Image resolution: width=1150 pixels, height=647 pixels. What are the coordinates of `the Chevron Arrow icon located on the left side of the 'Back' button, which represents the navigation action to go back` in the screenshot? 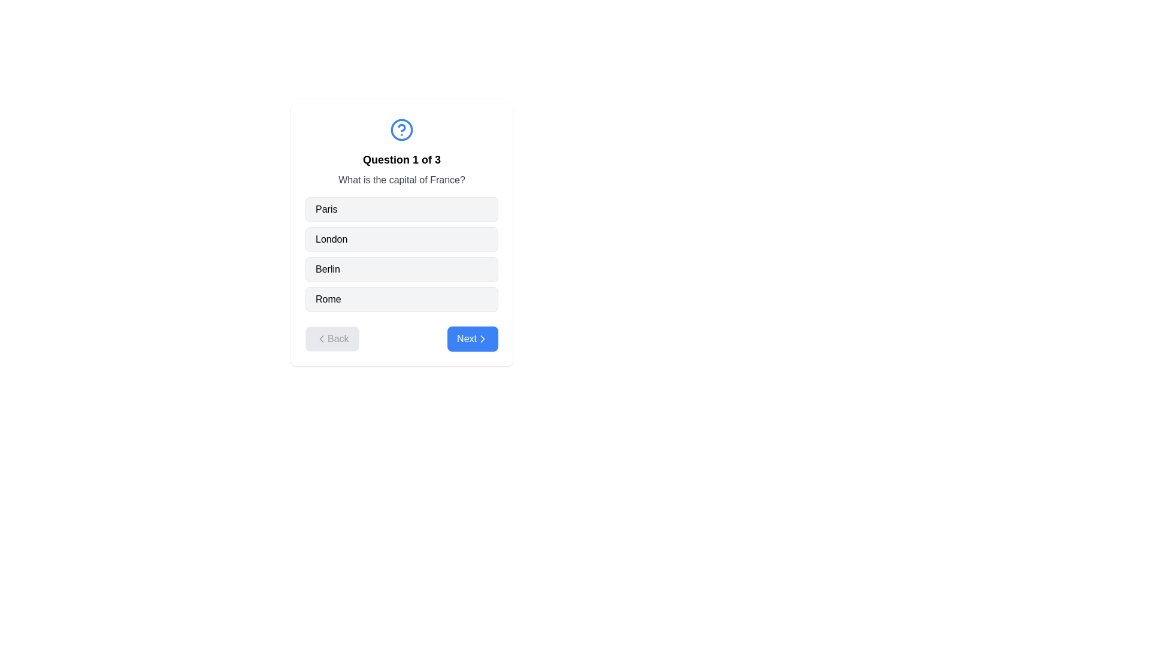 It's located at (322, 339).